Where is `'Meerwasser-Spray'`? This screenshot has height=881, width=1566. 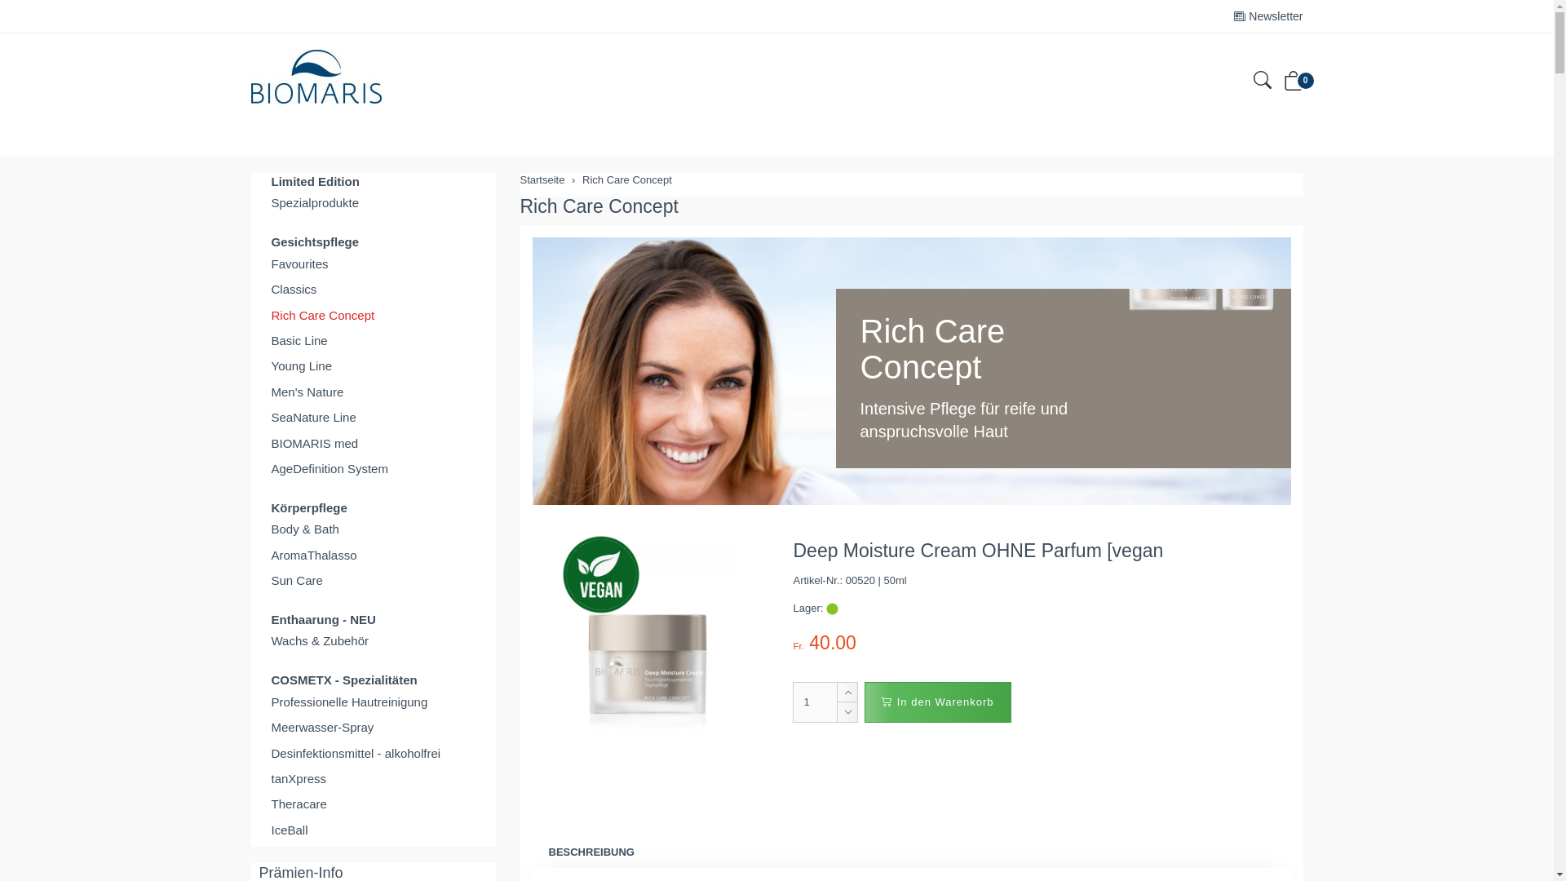
'Meerwasser-Spray' is located at coordinates (372, 726).